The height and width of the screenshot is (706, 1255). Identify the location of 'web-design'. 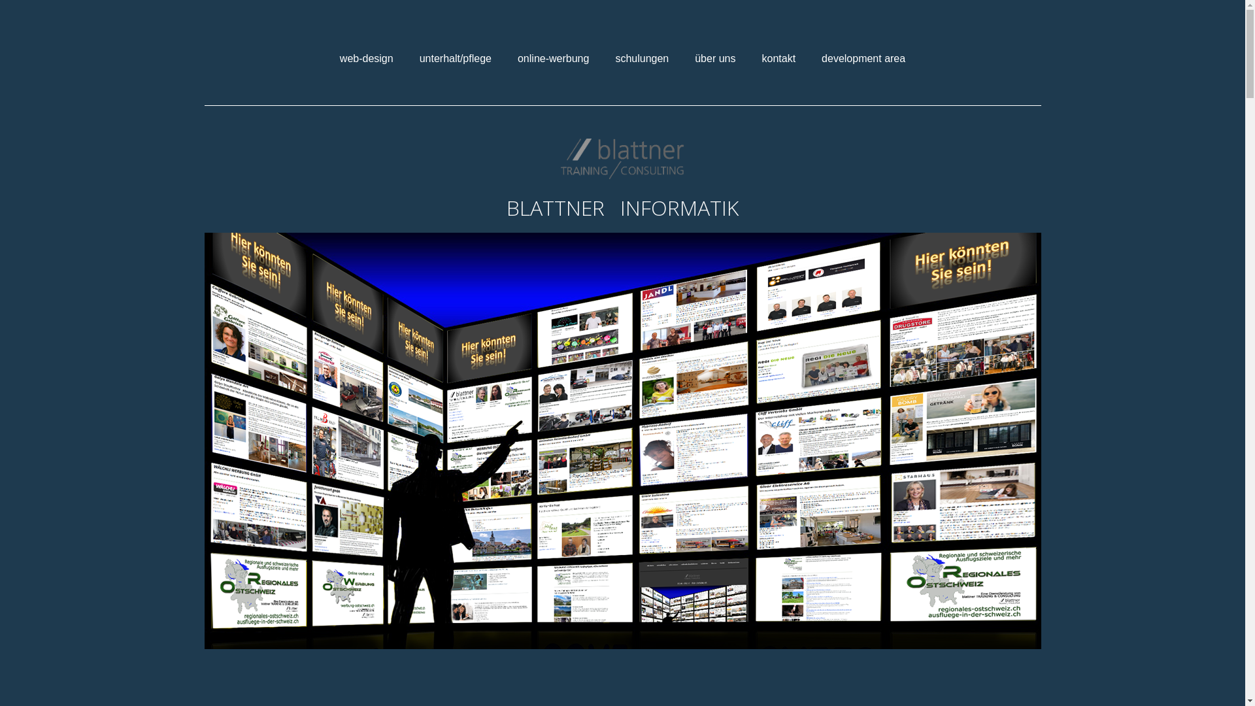
(366, 58).